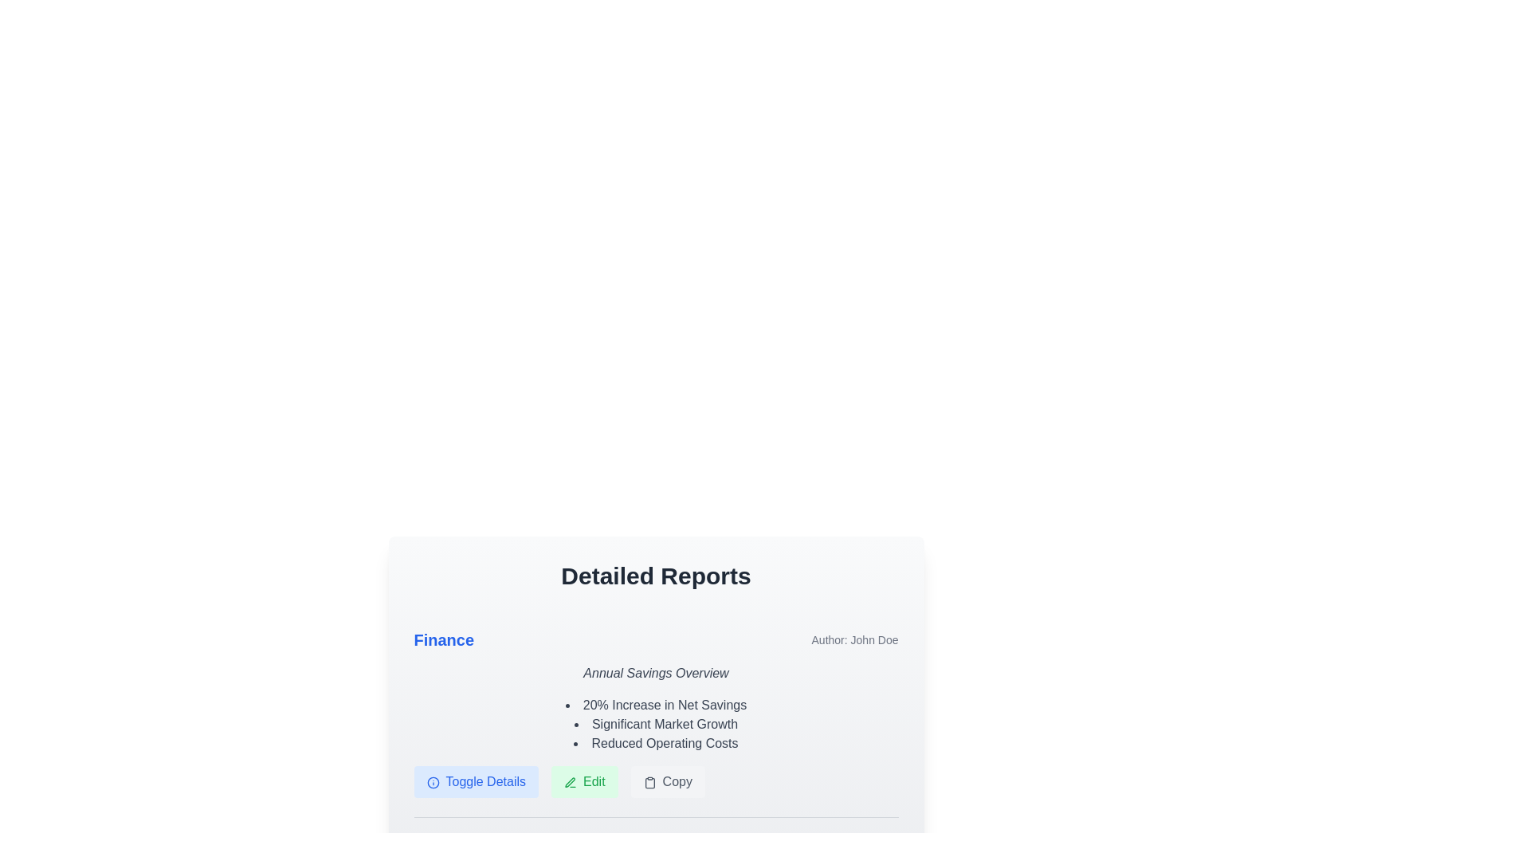  I want to click on the text label that provides a descriptive title for the report section, positioned below the 'Finance' title and above the bullet points detailing savings improvements, so click(656, 673).